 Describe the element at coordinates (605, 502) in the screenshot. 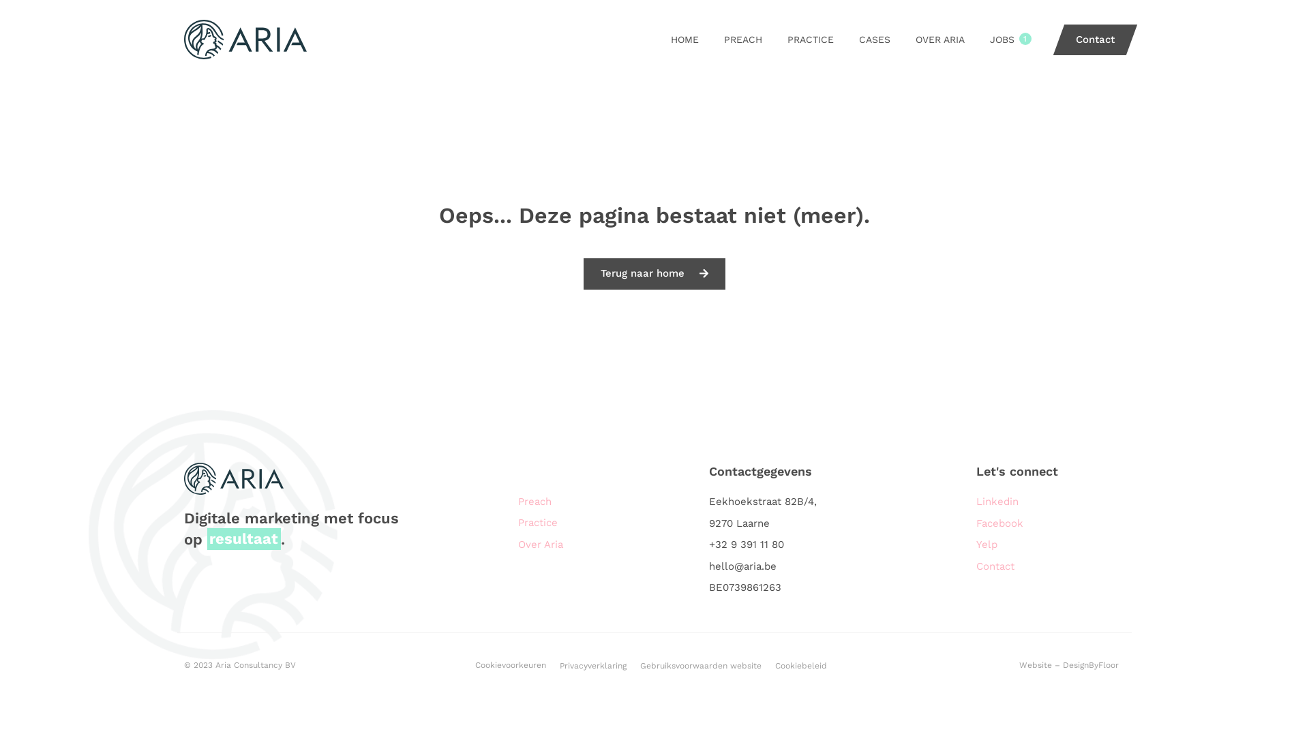

I see `'Preach'` at that location.